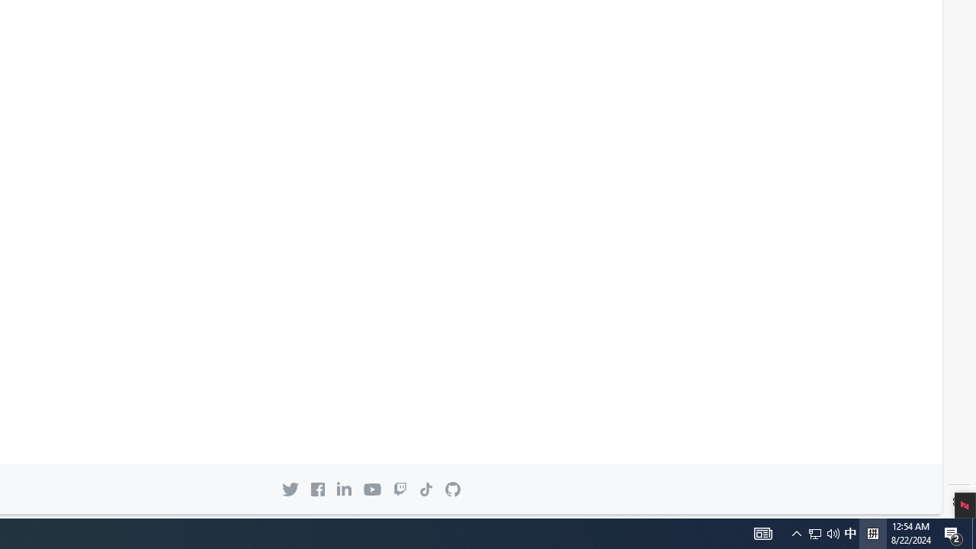 The image size is (976, 549). Describe the element at coordinates (400, 489) in the screenshot. I see `'Twitch icon GitHub on Twitch'` at that location.